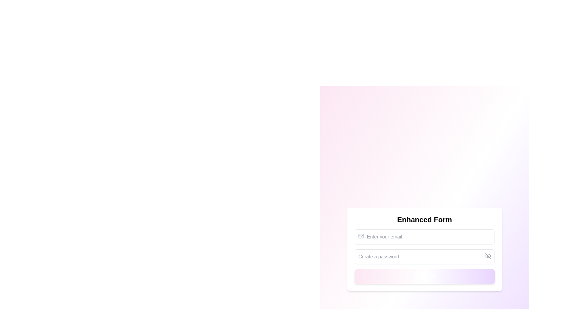  I want to click on the Text Header at the top of the form, which serves as the title or heading indicating the purpose of the form, so click(424, 220).